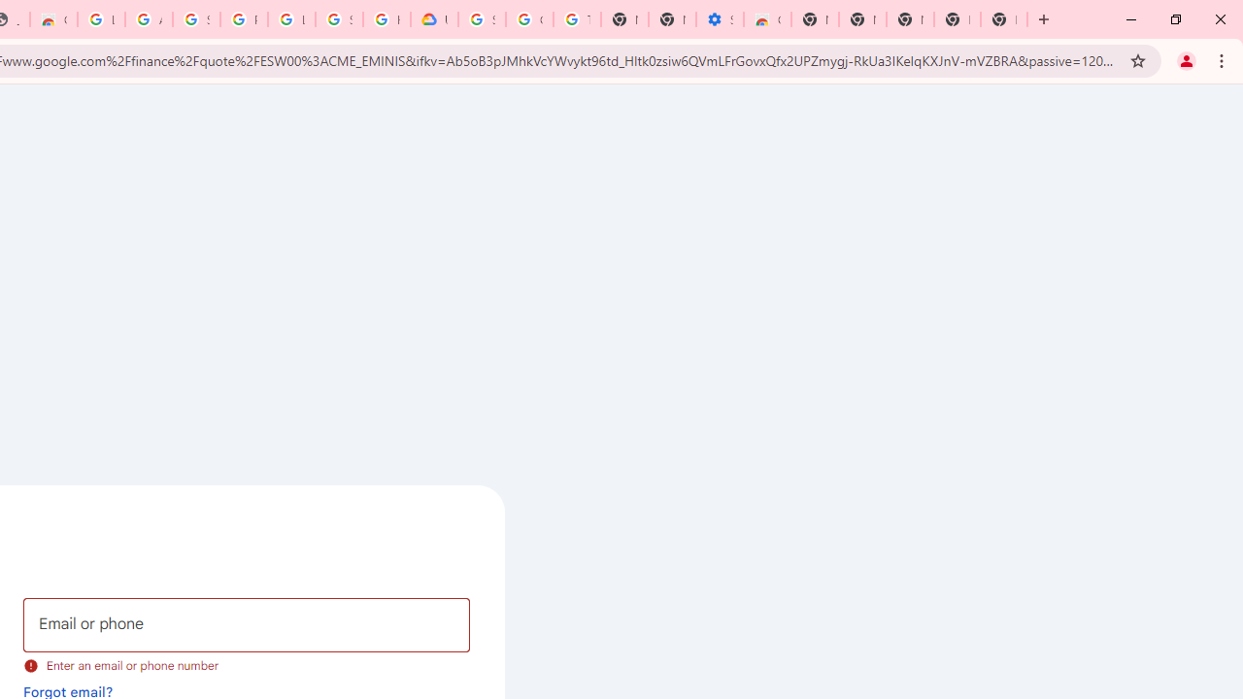  Describe the element at coordinates (53, 19) in the screenshot. I see `'Chrome Web Store - Household'` at that location.